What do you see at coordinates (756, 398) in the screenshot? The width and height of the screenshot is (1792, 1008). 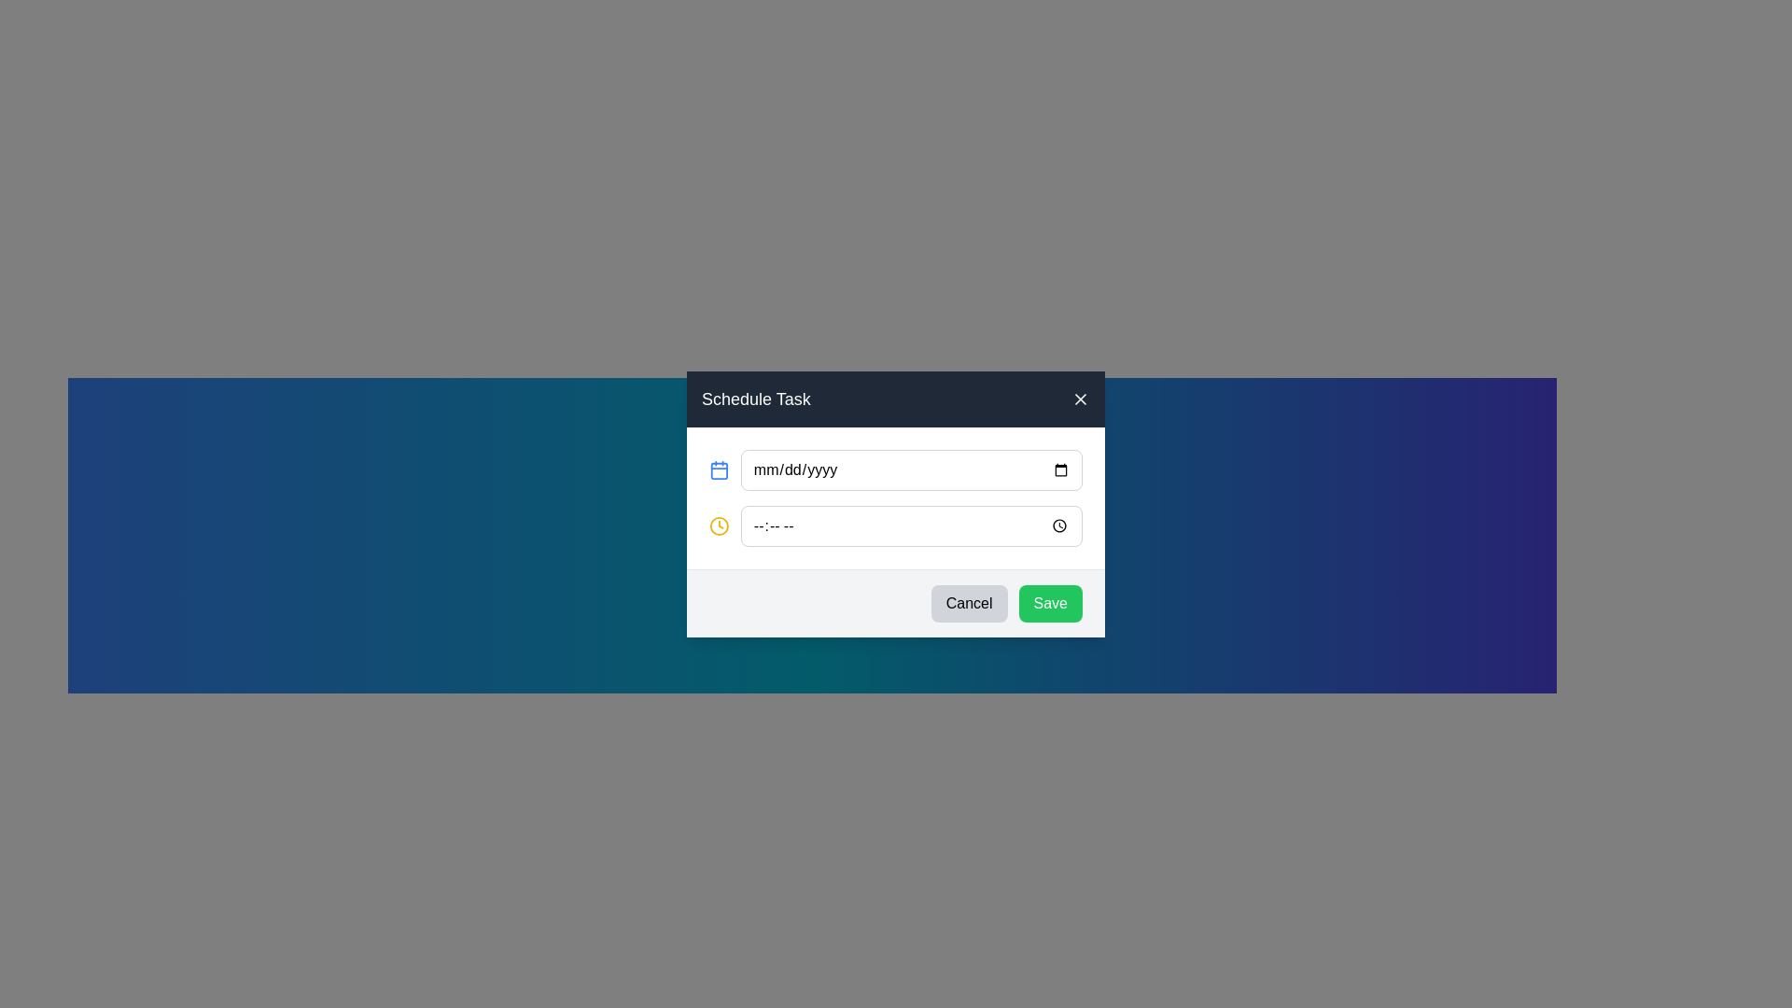 I see `the Static Text Label that serves as the title for the dialog box, located in the header bar at the top left, next to the 'X' icon` at bounding box center [756, 398].